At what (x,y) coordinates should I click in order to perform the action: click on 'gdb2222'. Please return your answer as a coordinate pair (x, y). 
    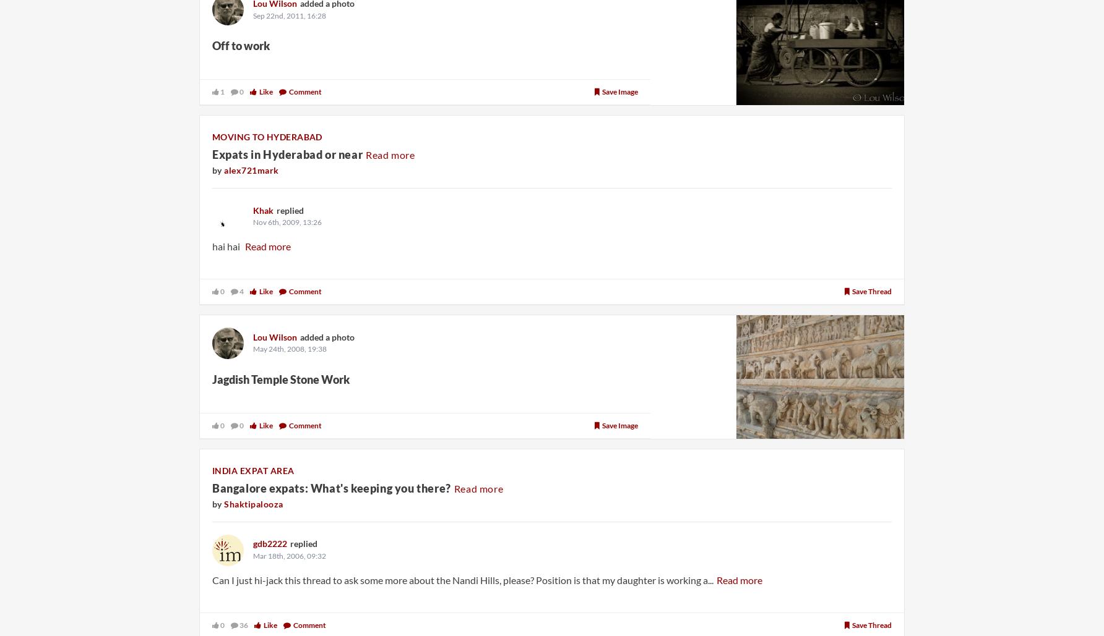
    Looking at the image, I should click on (269, 543).